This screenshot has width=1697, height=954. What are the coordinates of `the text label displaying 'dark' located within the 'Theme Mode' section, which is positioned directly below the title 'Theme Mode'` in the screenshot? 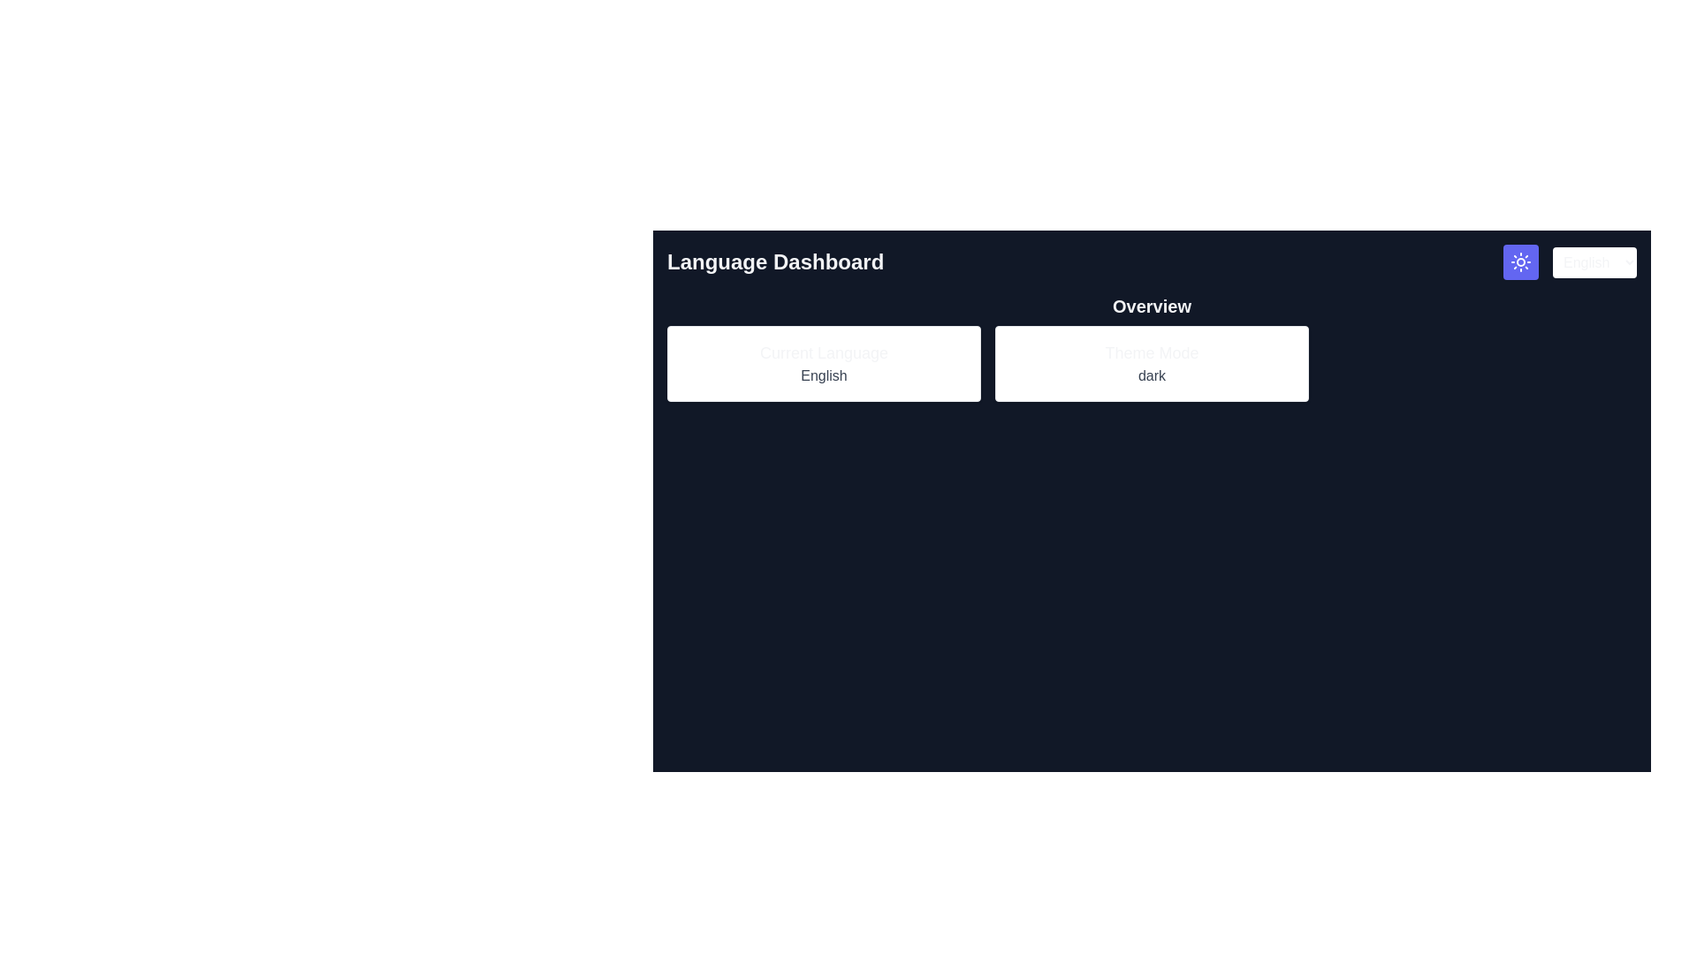 It's located at (1152, 375).